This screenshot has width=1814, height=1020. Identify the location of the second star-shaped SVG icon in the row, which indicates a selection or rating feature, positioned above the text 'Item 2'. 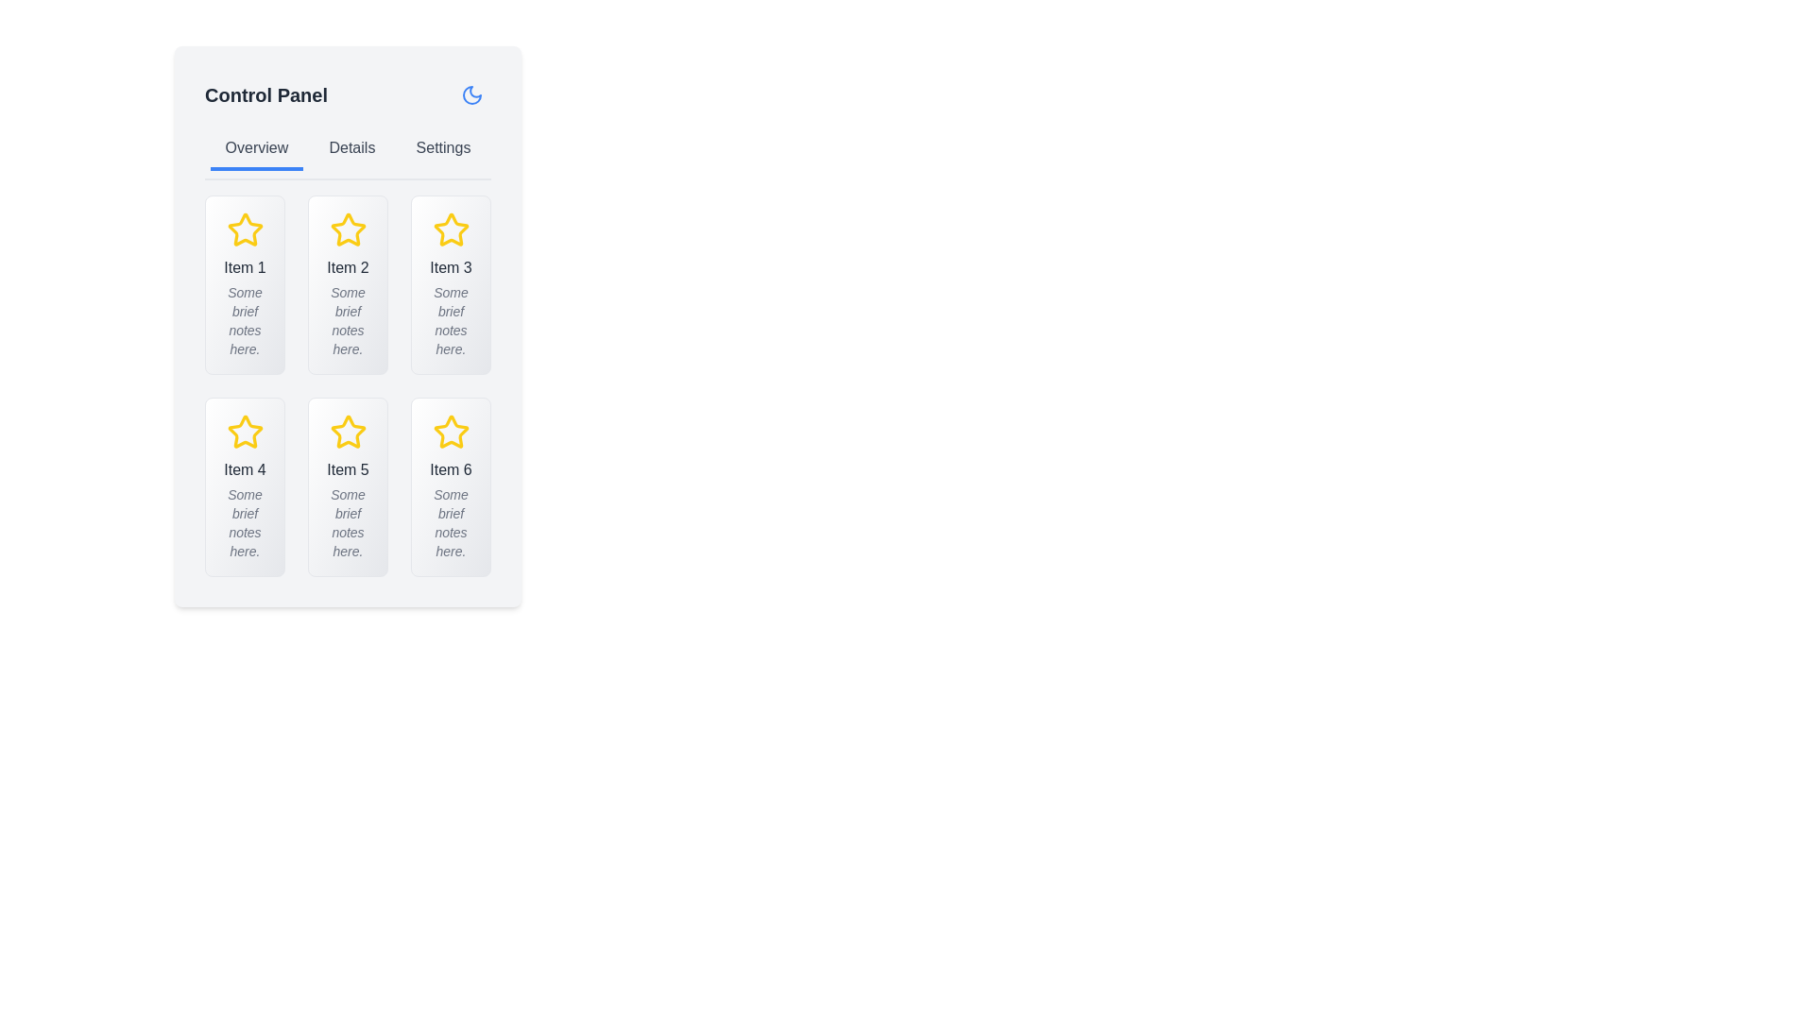
(348, 229).